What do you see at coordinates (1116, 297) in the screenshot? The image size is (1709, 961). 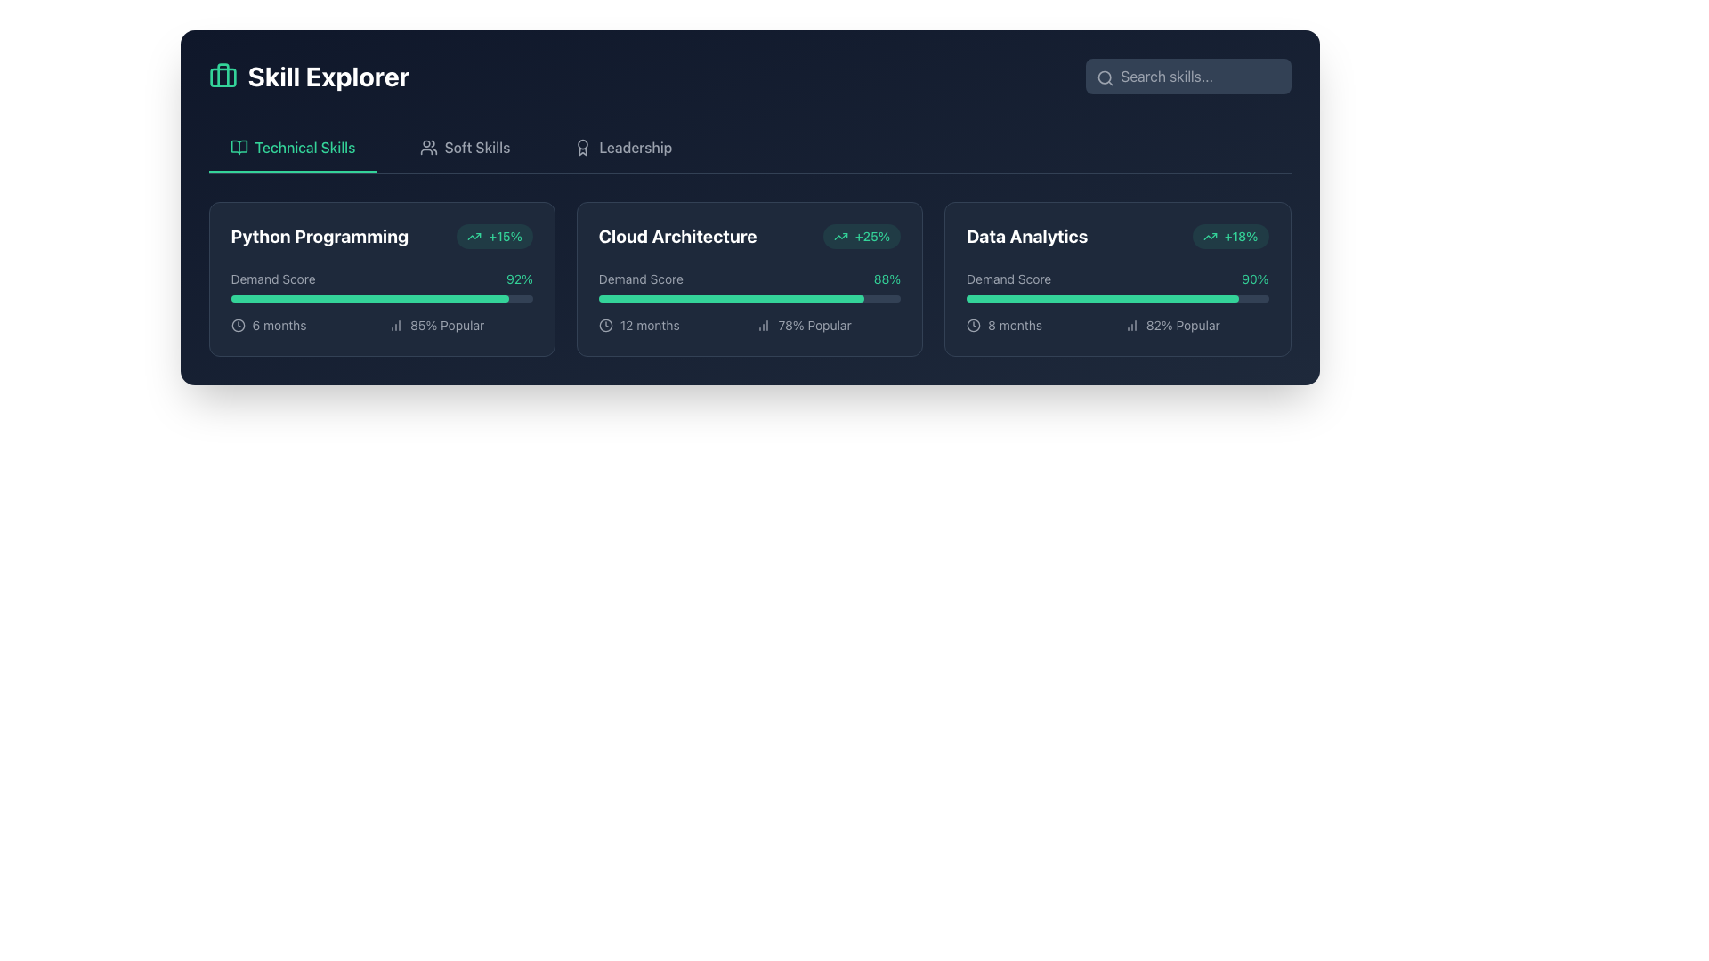 I see `the horizontal progress bar with a dark slate-colored background located below the 'Demand Score' text and adjacent to '90%' in the 'Data Analytics' card` at bounding box center [1116, 297].